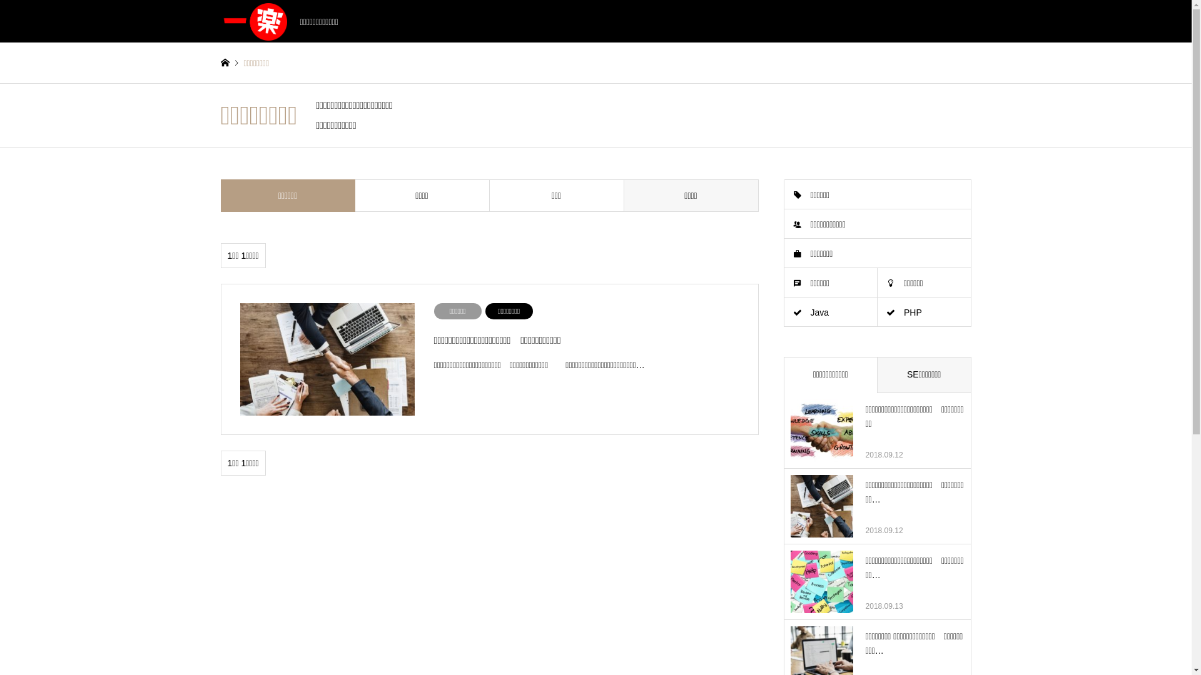 This screenshot has width=1201, height=675. Describe the element at coordinates (924, 312) in the screenshot. I see `'PHP'` at that location.